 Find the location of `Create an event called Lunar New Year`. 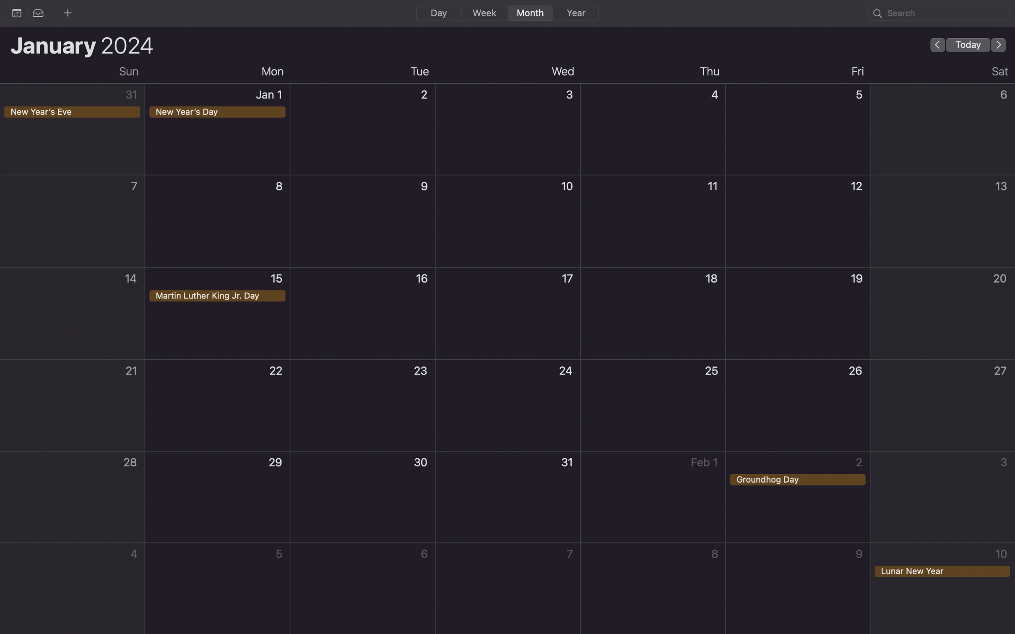

Create an event called Lunar New Year is located at coordinates (942, 587).